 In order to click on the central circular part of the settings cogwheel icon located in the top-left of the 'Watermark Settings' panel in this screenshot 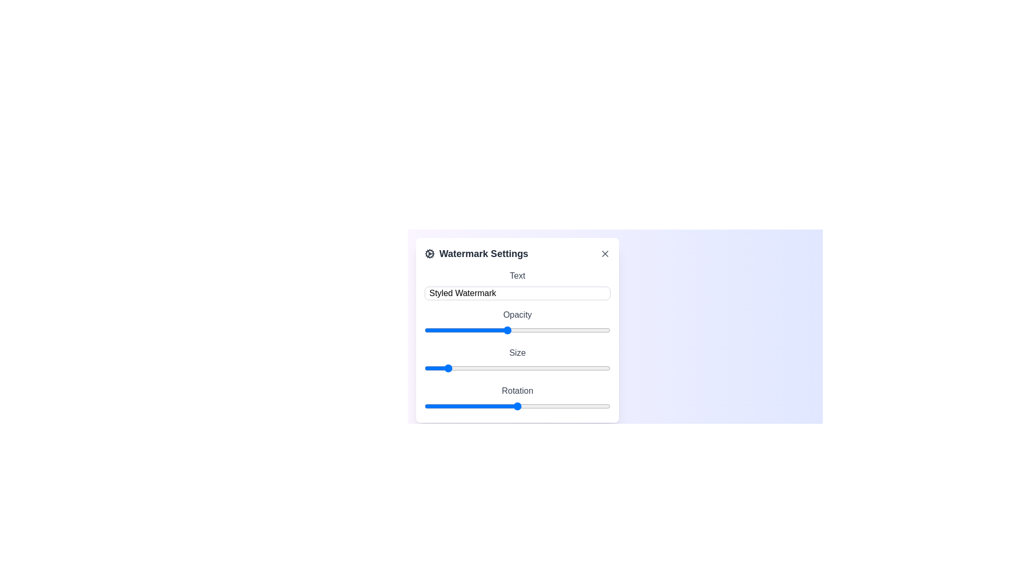, I will do `click(430, 254)`.